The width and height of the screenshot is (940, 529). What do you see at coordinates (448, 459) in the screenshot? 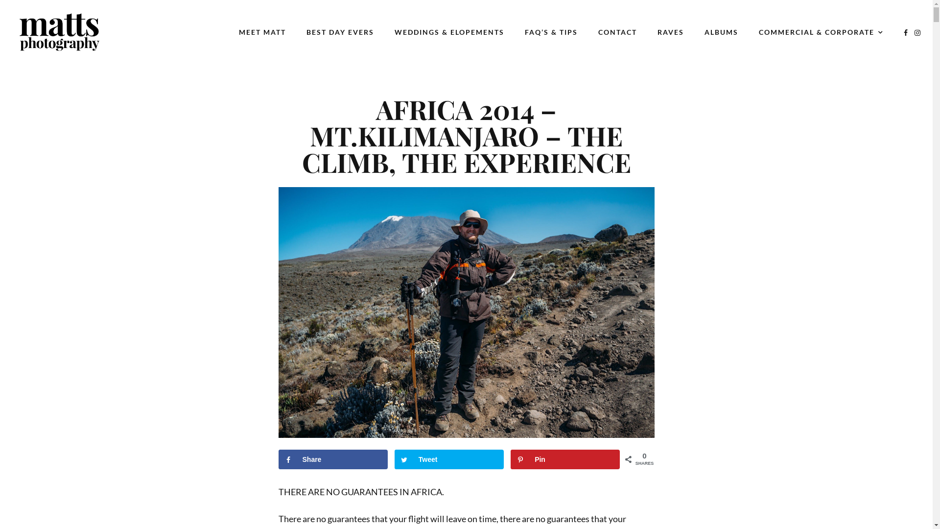
I see `'Tweet'` at bounding box center [448, 459].